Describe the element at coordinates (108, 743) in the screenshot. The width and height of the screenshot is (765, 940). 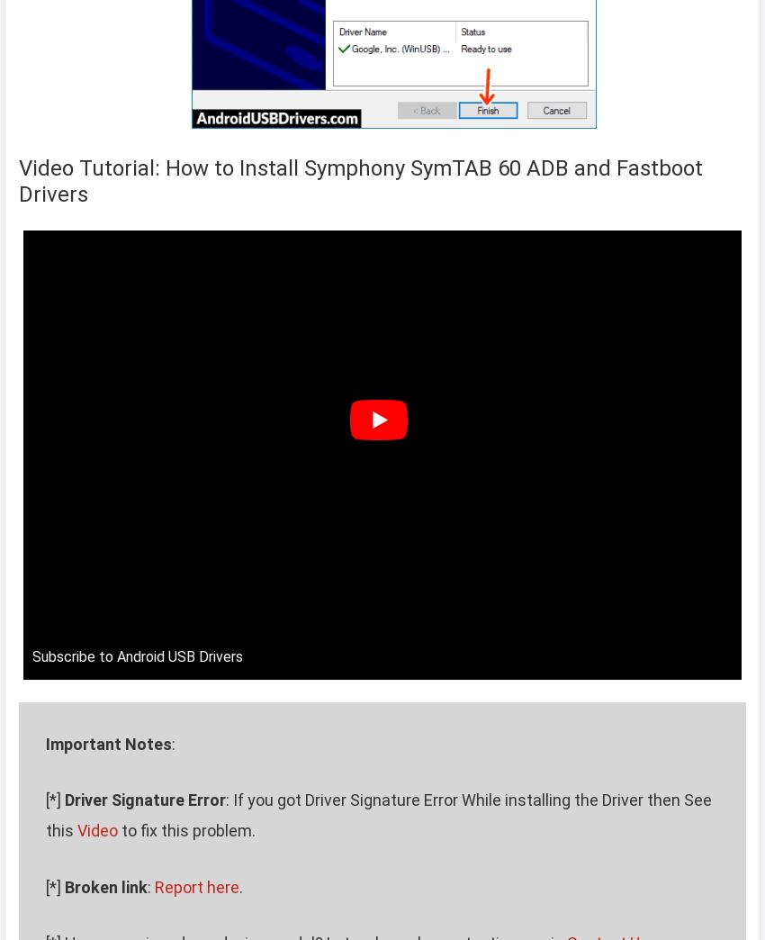
I see `'Important Notes'` at that location.